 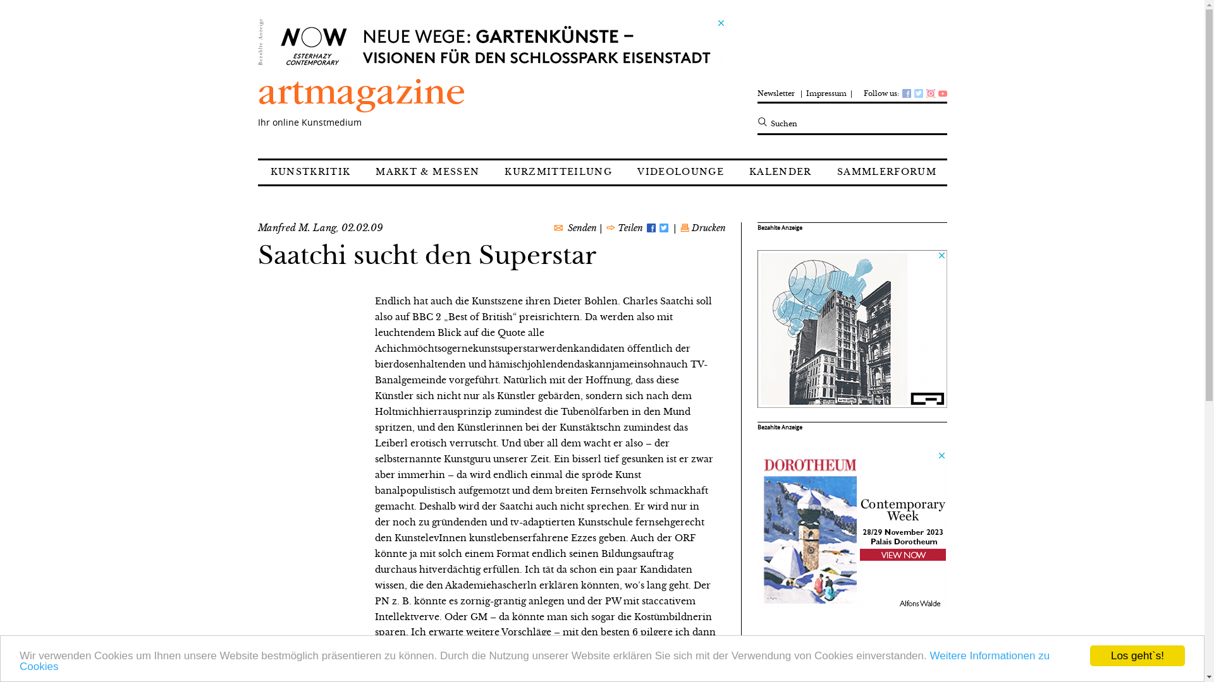 What do you see at coordinates (778, 89) in the screenshot?
I see `'Newsletter'` at bounding box center [778, 89].